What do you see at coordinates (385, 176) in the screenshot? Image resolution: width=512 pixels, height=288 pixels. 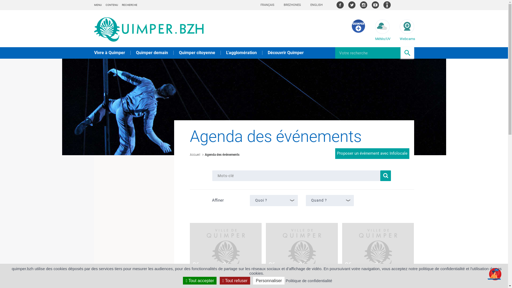 I see `'Lancer la recherche'` at bounding box center [385, 176].